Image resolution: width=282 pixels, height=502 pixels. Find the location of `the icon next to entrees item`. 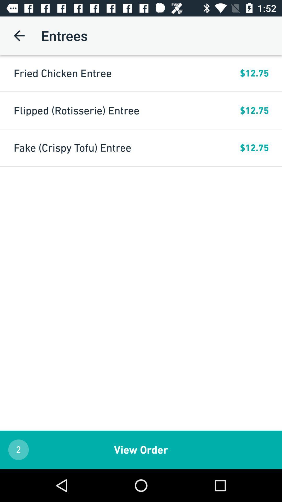

the icon next to entrees item is located at coordinates (19, 35).